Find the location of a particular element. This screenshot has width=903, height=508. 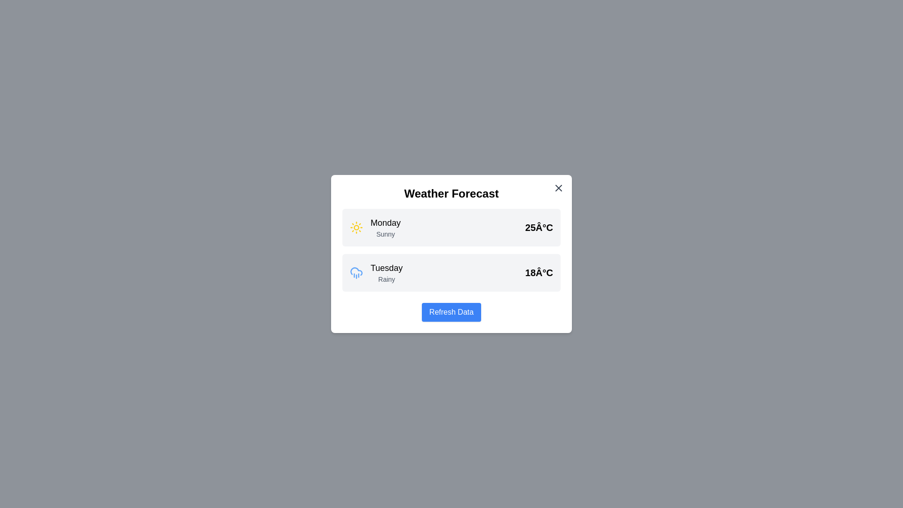

the Close button located in the top-right corner of the 'Weather Forecast' modal dialog is located at coordinates (559, 188).